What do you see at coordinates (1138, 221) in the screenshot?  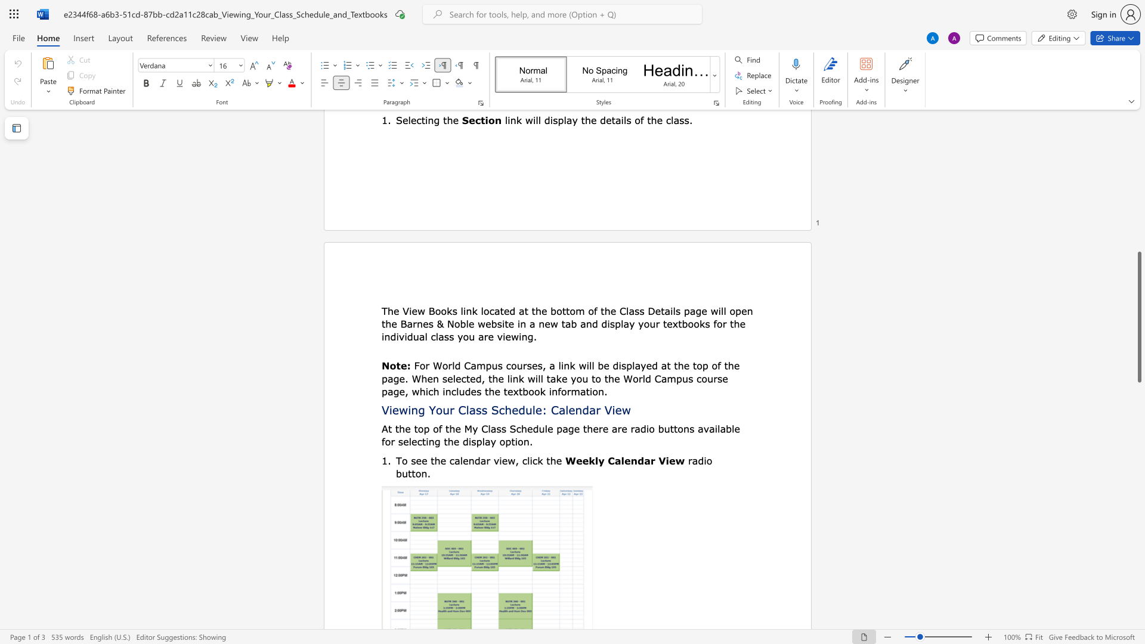 I see `the scrollbar on the right` at bounding box center [1138, 221].